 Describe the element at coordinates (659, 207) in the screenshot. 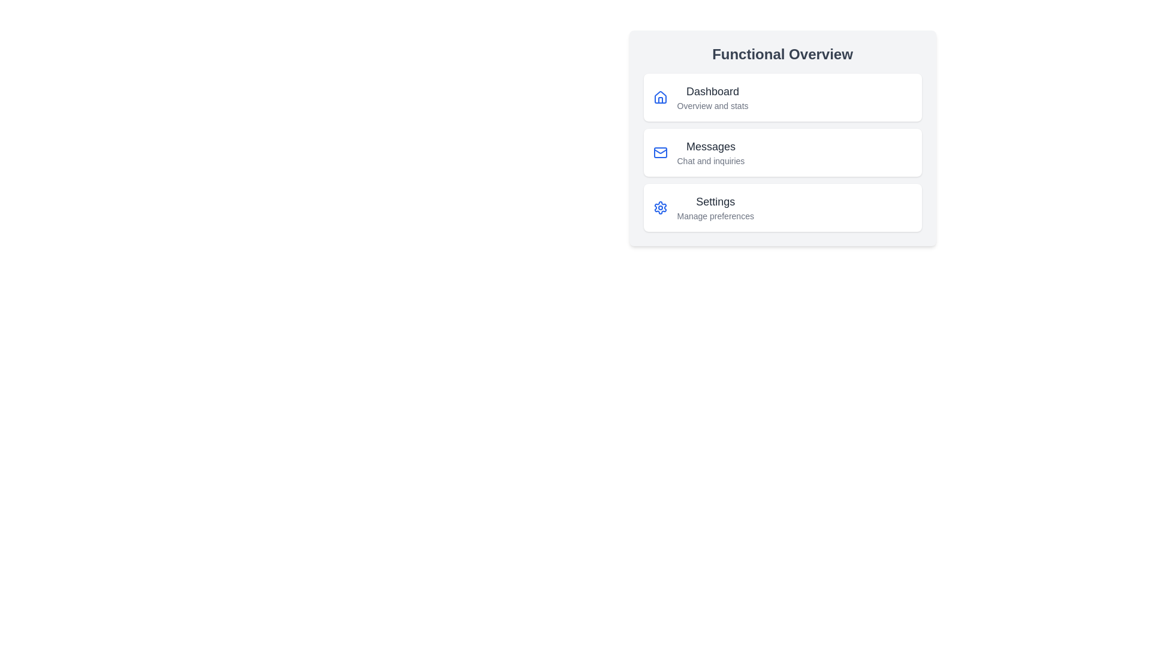

I see `the settings icon located within the 'Settings' card, positioned to the left of the main text 'Settings'` at that location.